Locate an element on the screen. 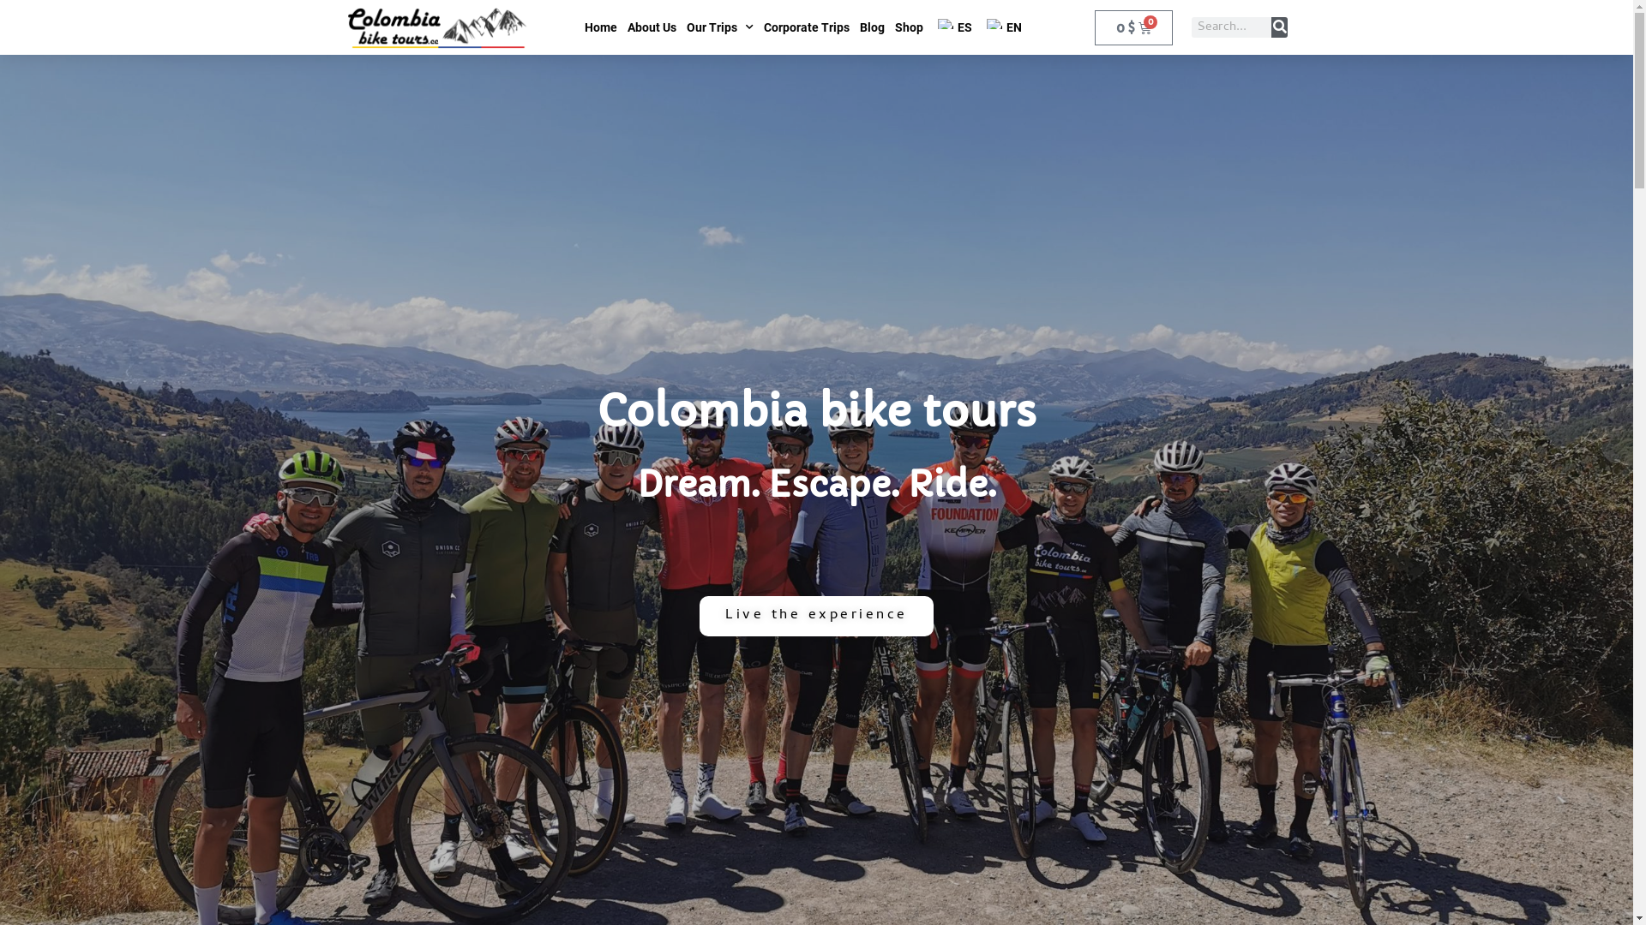 Image resolution: width=1646 pixels, height=925 pixels. 'EN' is located at coordinates (1002, 27).